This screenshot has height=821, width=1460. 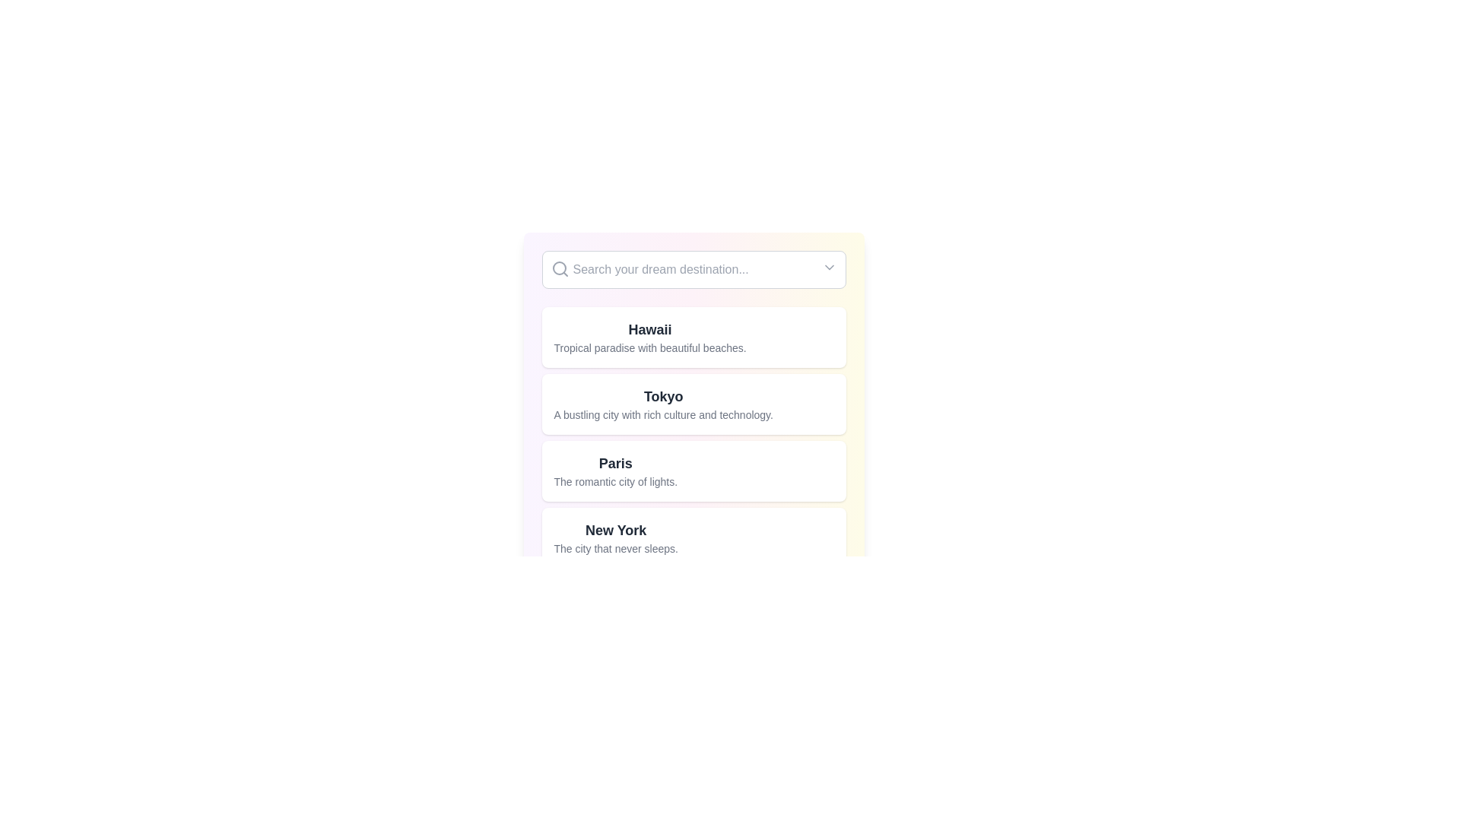 I want to click on the static text label displaying 'A bustling city with rich culture and technology.' that is positioned directly beneath 'Tokyo' in the vertical list interface, so click(x=663, y=415).